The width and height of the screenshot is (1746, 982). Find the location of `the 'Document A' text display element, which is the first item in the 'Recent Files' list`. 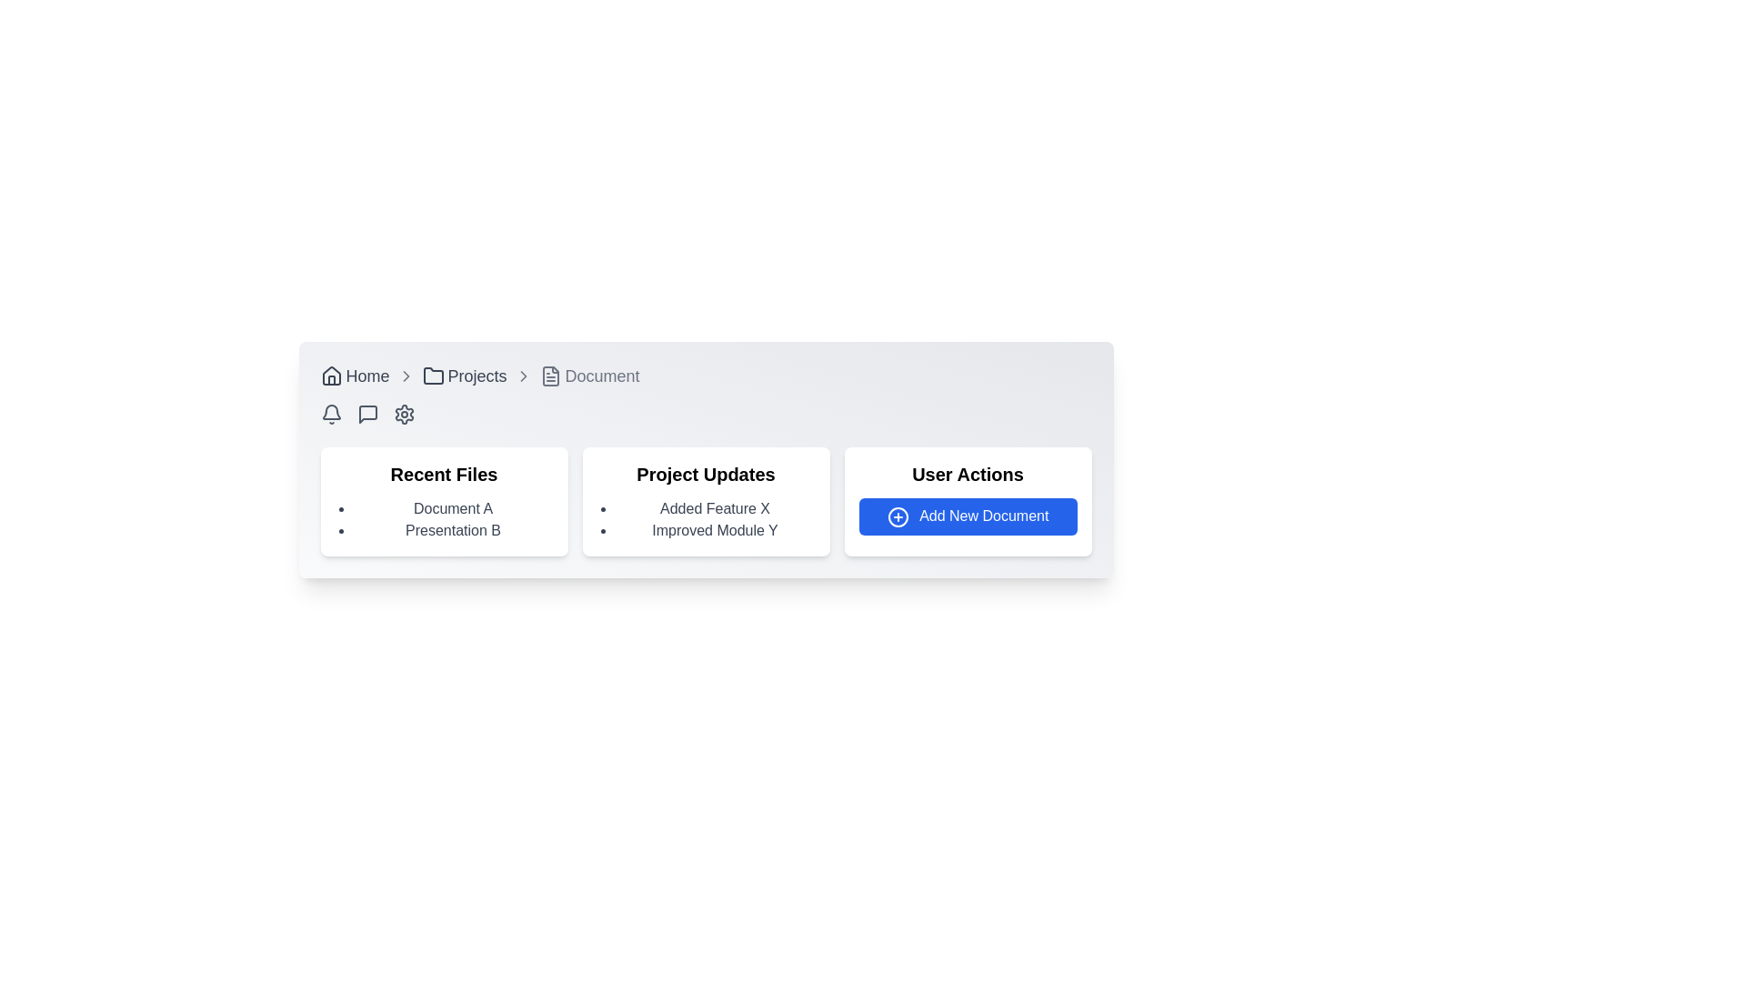

the 'Document A' text display element, which is the first item in the 'Recent Files' list is located at coordinates (453, 508).